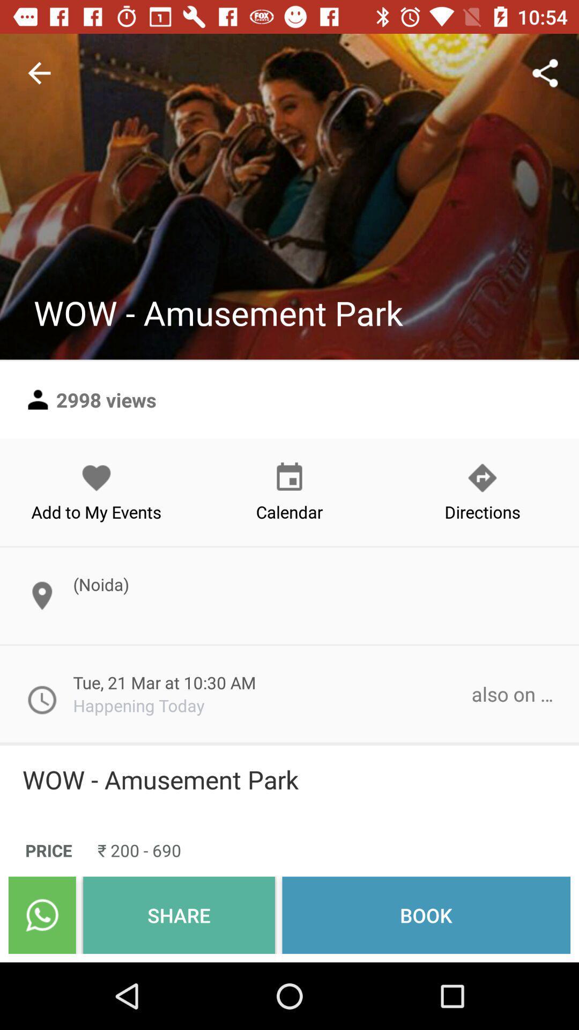 The height and width of the screenshot is (1030, 579). What do you see at coordinates (481, 491) in the screenshot?
I see `item to the right of calendar item` at bounding box center [481, 491].